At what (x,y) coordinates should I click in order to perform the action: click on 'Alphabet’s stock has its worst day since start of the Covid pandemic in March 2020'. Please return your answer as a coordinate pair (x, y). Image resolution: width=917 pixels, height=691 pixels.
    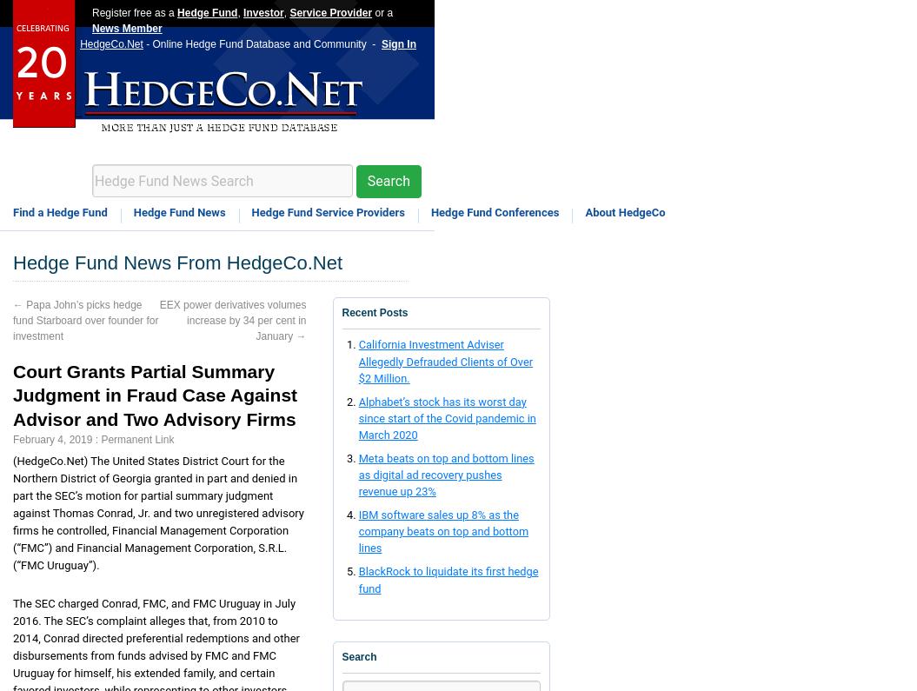
    Looking at the image, I should click on (356, 417).